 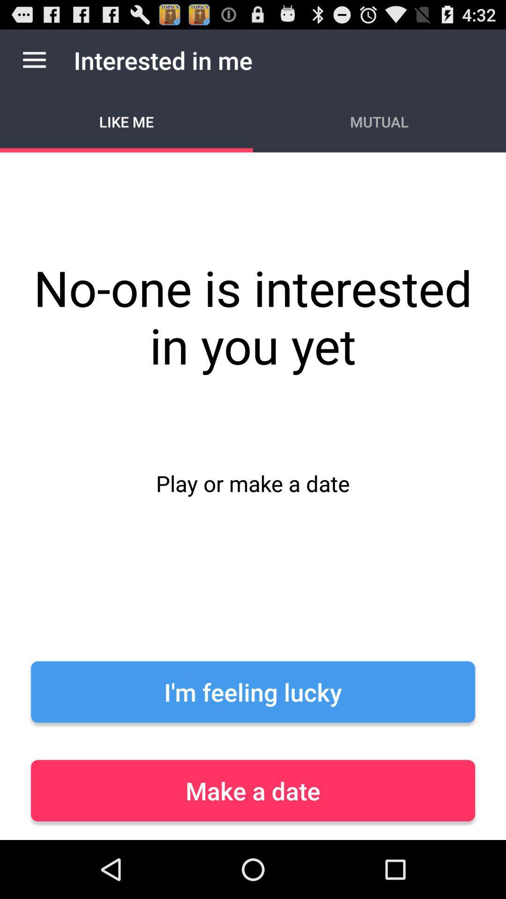 What do you see at coordinates (253, 692) in the screenshot?
I see `the icon below play or make item` at bounding box center [253, 692].